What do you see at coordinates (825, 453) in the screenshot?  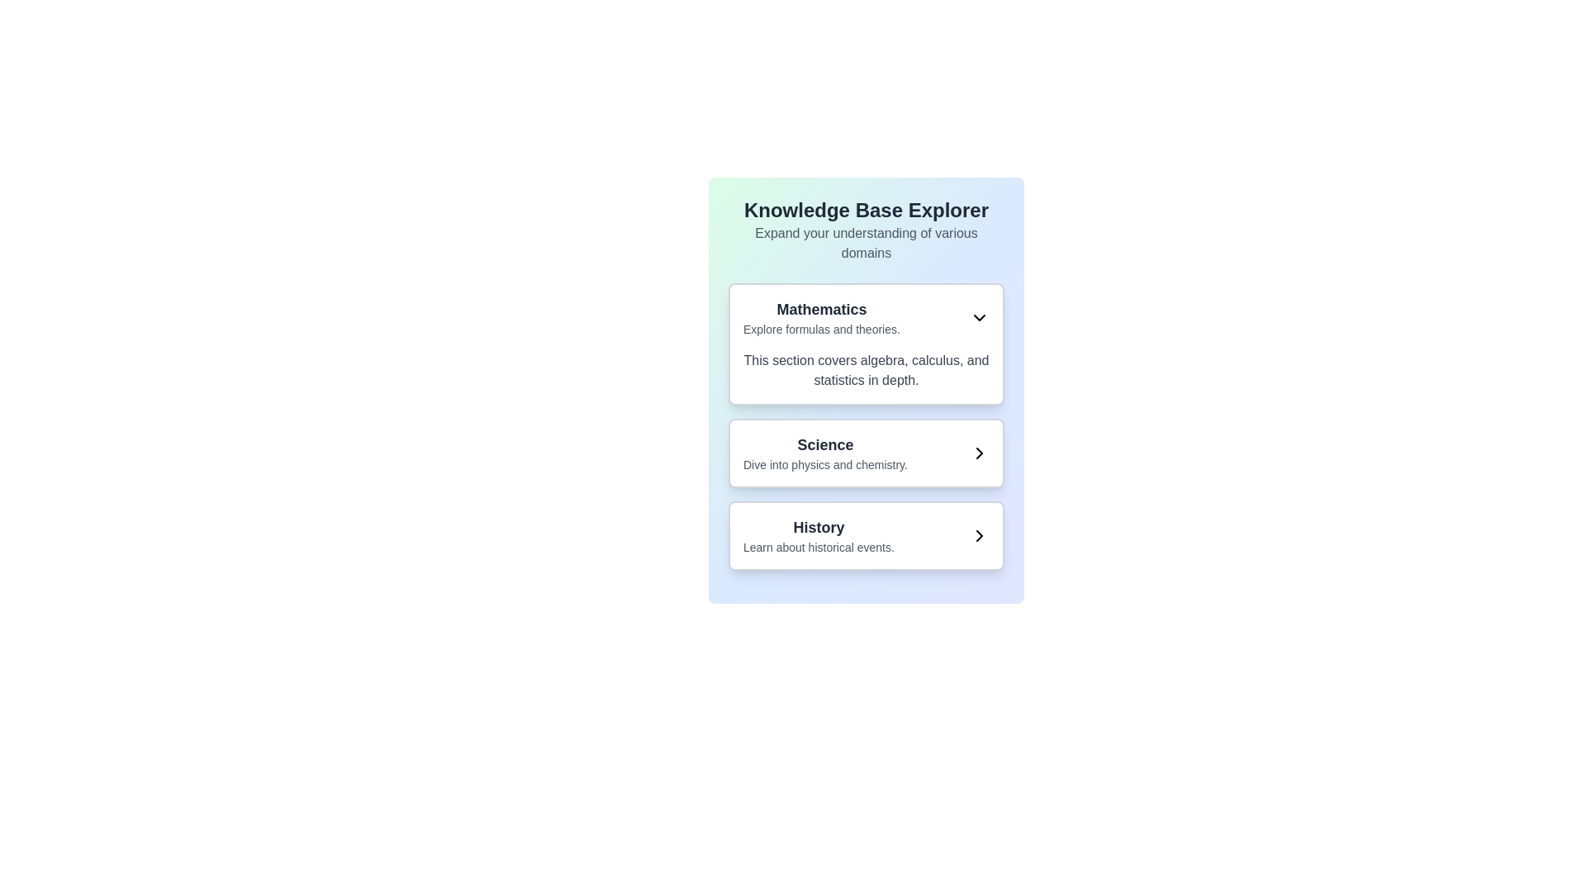 I see `information from the Informational text block located in the 'Knowledge Base Explorer' card, which is the second entry in the vertical list between 'Mathematics' and 'History'` at bounding box center [825, 453].